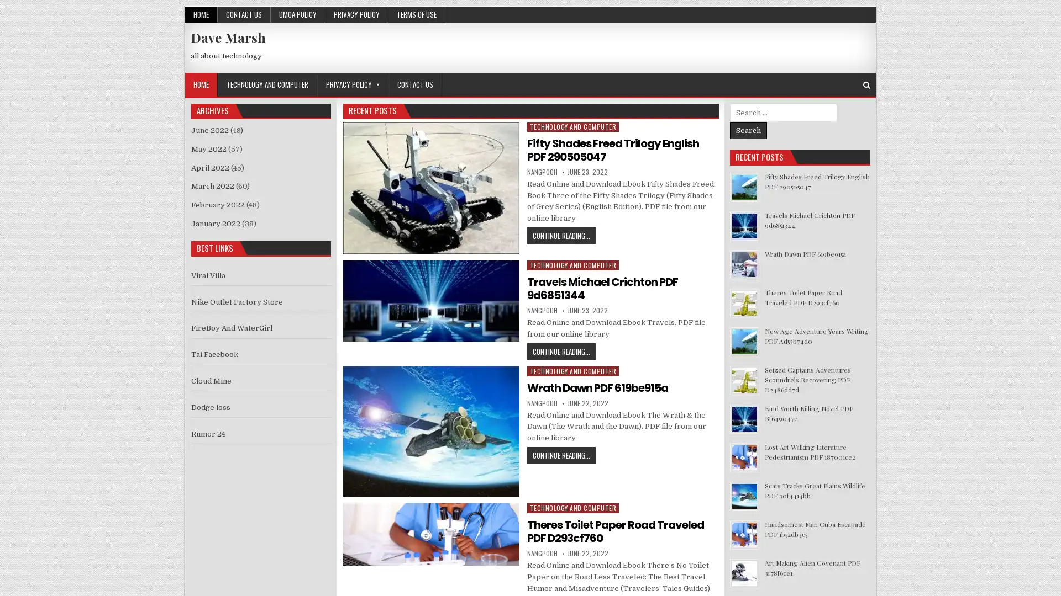 This screenshot has width=1061, height=596. What do you see at coordinates (748, 130) in the screenshot?
I see `Search` at bounding box center [748, 130].